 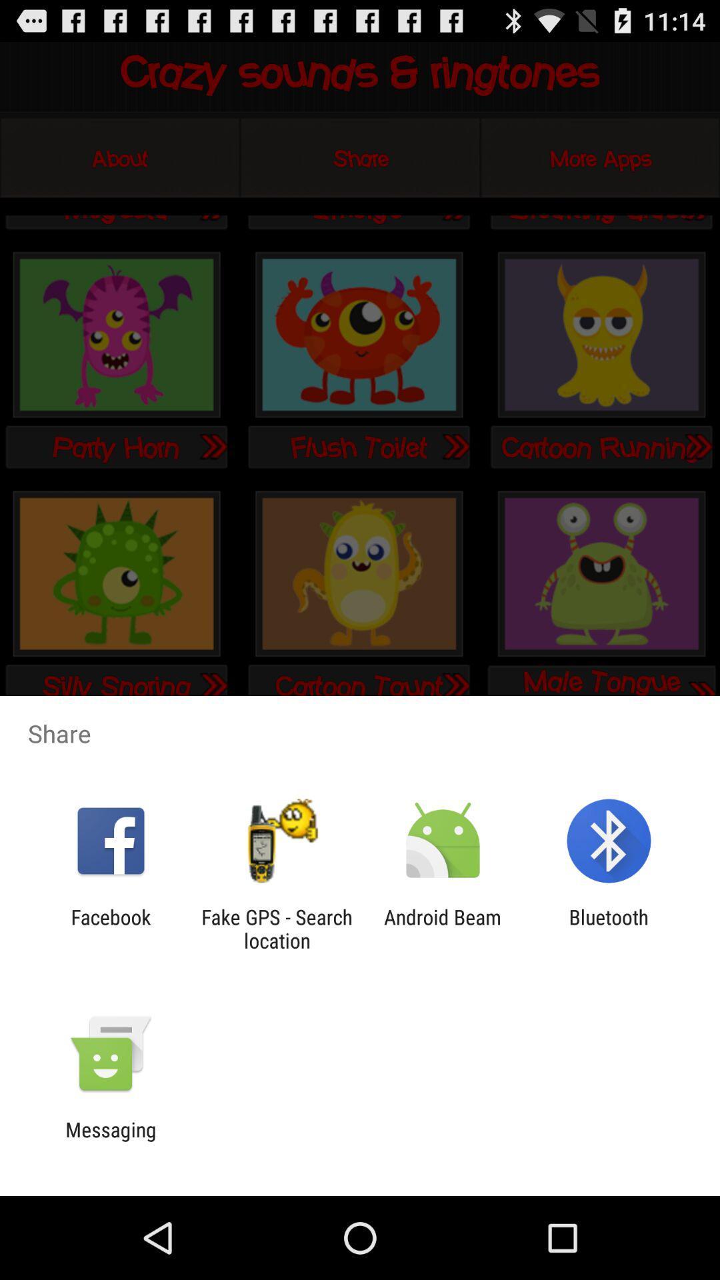 I want to click on the app to the right of the facebook item, so click(x=276, y=928).